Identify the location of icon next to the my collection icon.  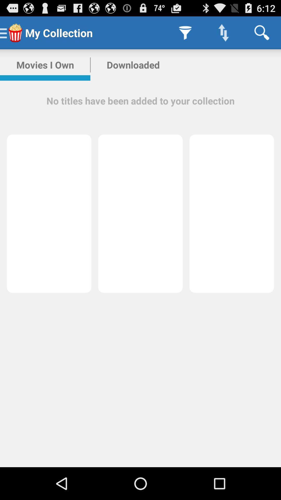
(185, 32).